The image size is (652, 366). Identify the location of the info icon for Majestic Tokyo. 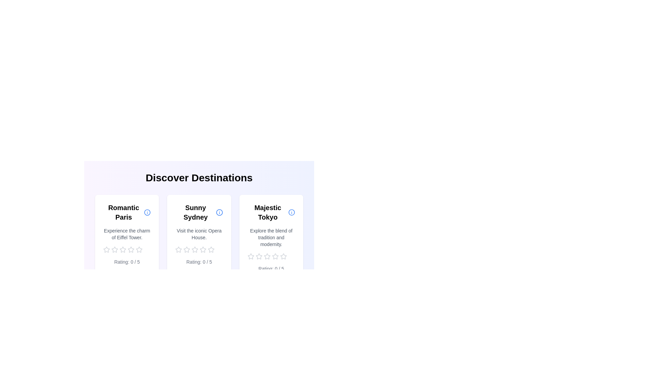
(291, 212).